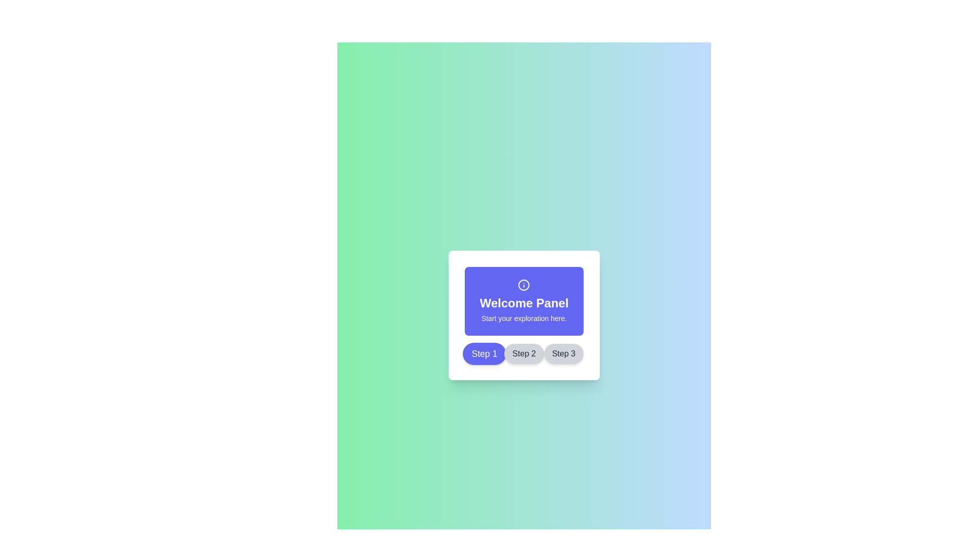 This screenshot has width=971, height=546. I want to click on the rectangular button with rounded corners labeled 'Step 3' located below the 'Welcome Panel', so click(563, 353).